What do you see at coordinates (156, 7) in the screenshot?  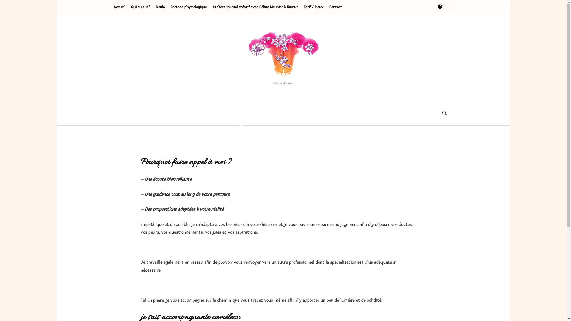 I see `'Doula'` at bounding box center [156, 7].